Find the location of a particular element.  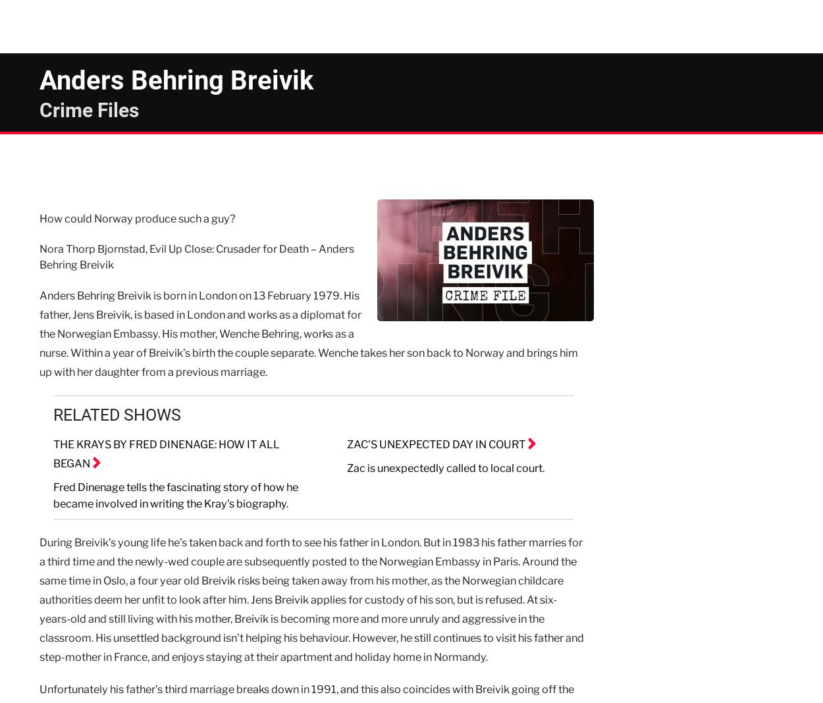

'The Trial' is located at coordinates (301, 14).